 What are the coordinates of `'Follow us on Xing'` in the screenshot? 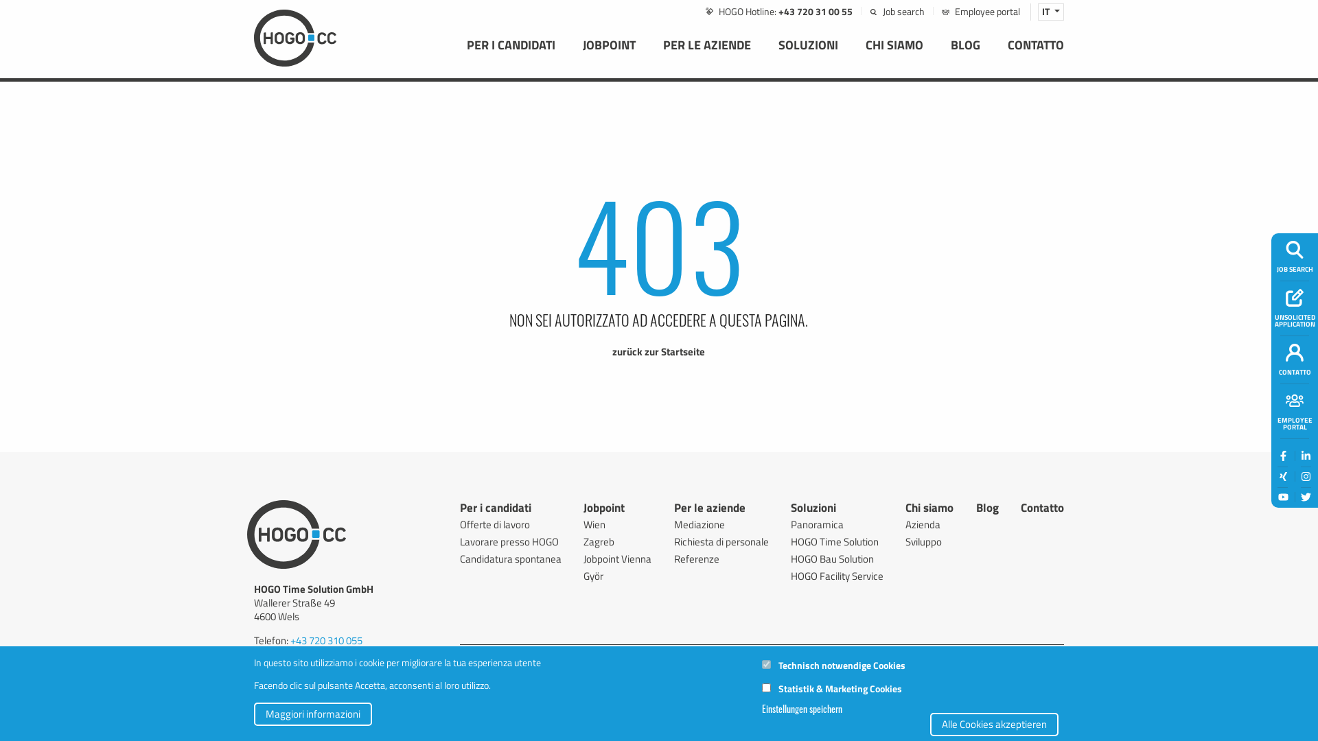 It's located at (1282, 475).